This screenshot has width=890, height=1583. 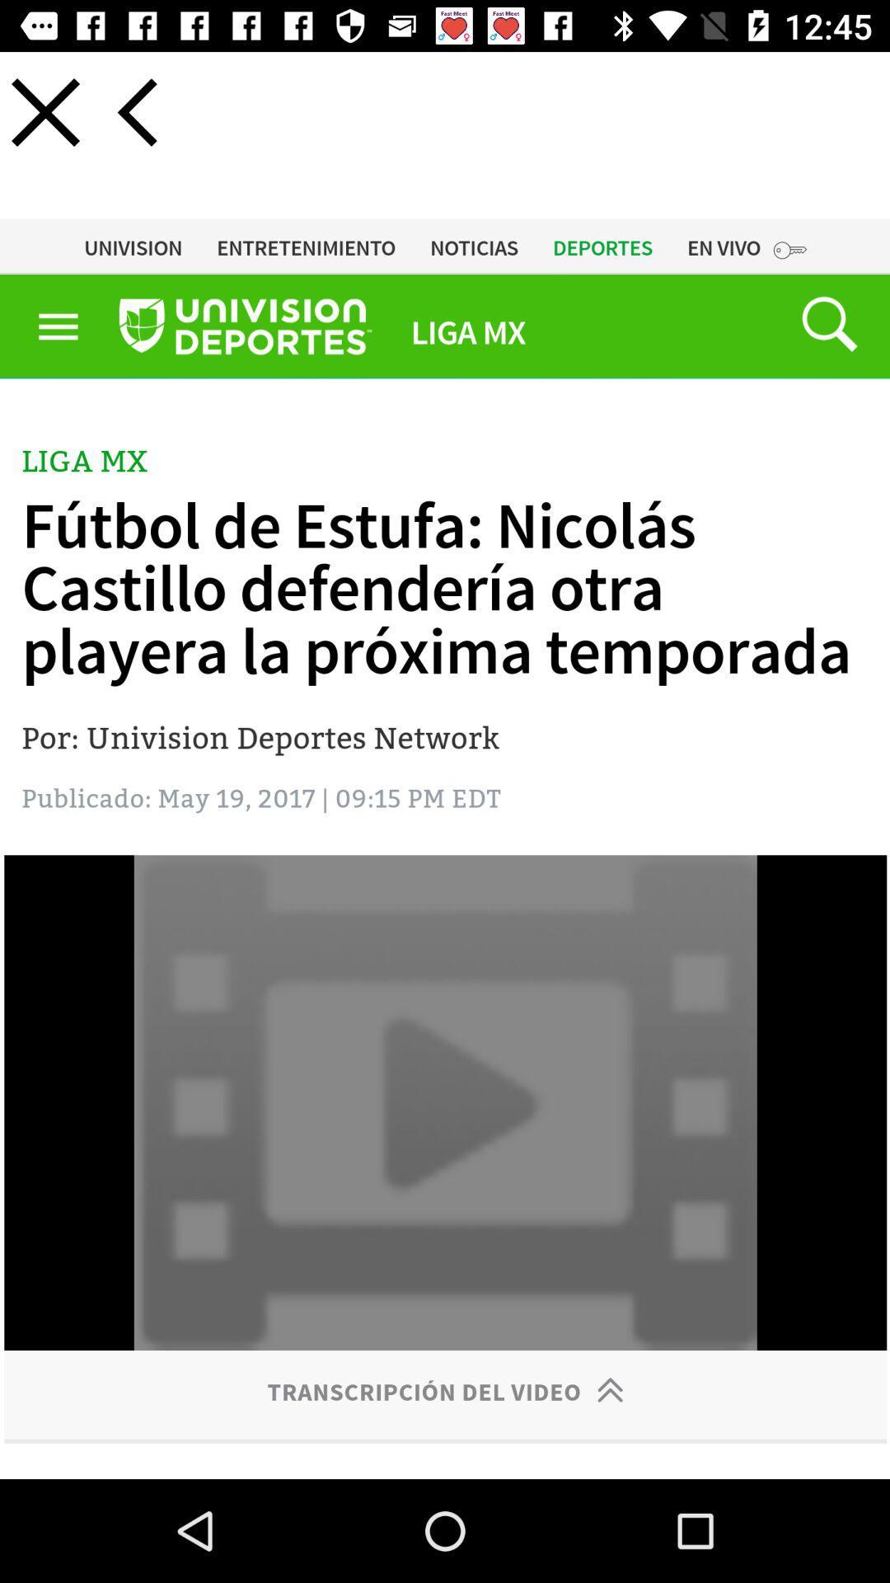 I want to click on page, so click(x=44, y=111).